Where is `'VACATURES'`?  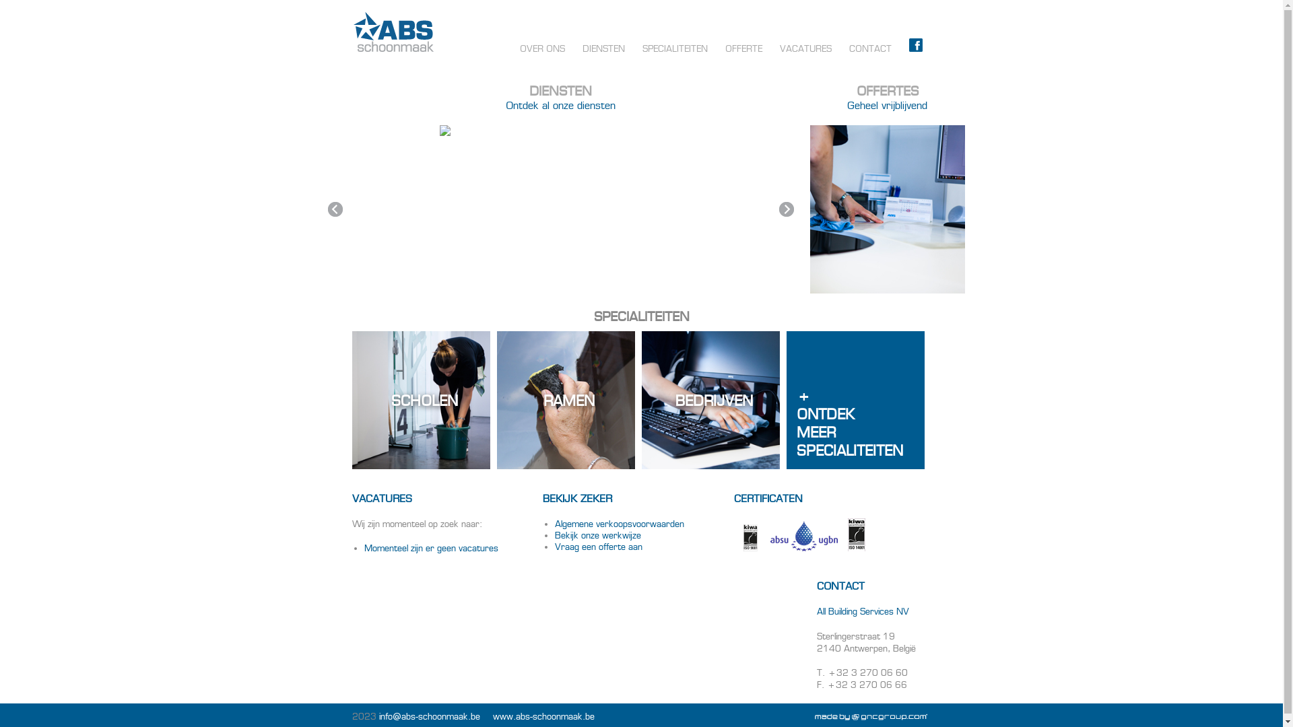 'VACATURES' is located at coordinates (805, 48).